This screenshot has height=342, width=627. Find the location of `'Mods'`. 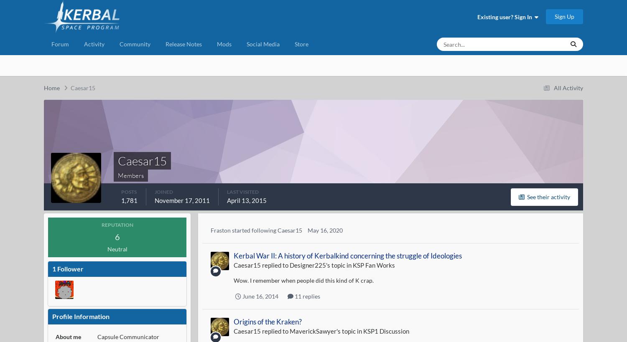

'Mods' is located at coordinates (224, 44).